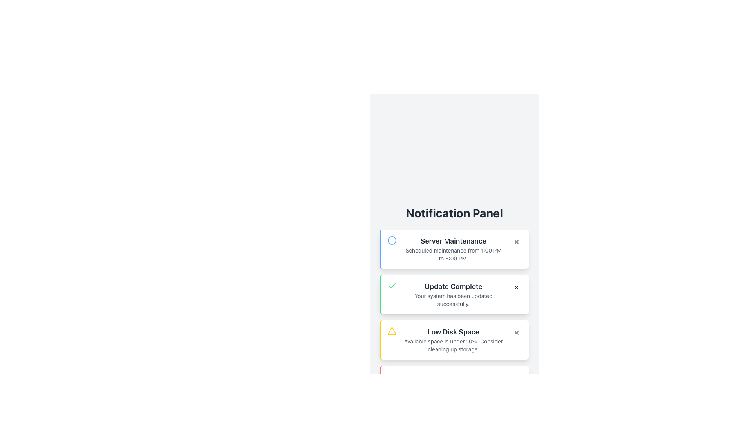 The height and width of the screenshot is (423, 752). What do you see at coordinates (392, 286) in the screenshot?
I see `the checkmark icon drawn in SVG with a green stroke, located within the success notification card of the notification panel` at bounding box center [392, 286].